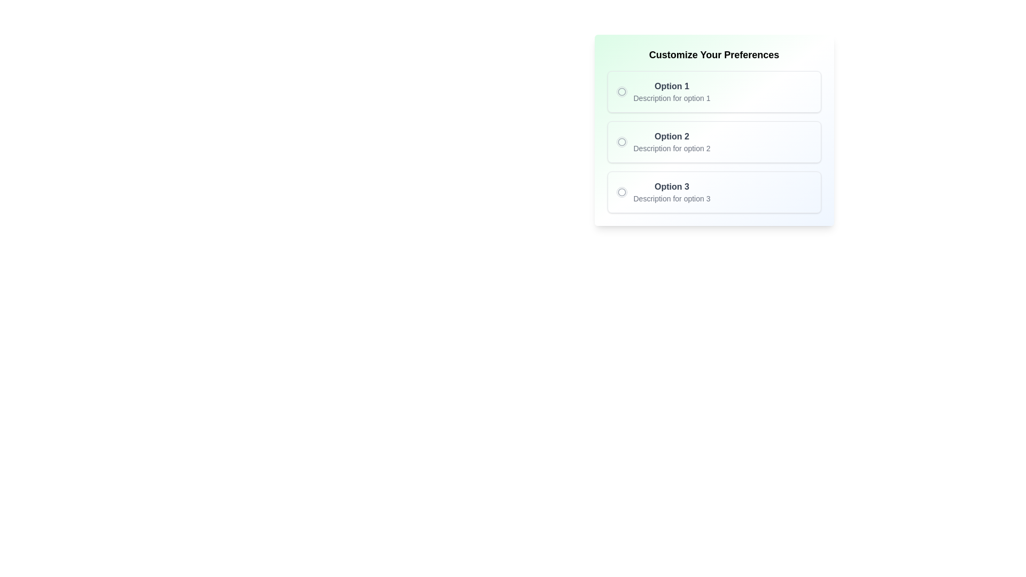  What do you see at coordinates (671, 191) in the screenshot?
I see `the 'Option 3' text label which is the third selectable option in a vertical list of options` at bounding box center [671, 191].